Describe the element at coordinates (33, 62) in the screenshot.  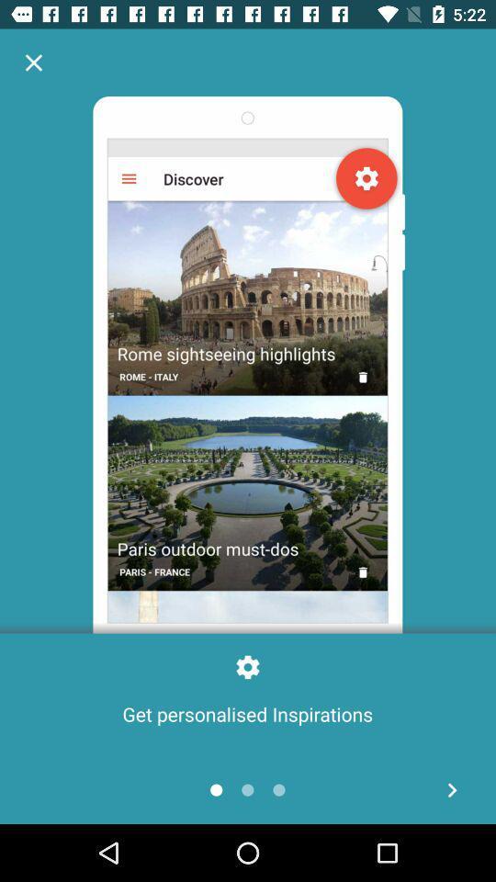
I see `exit the page` at that location.